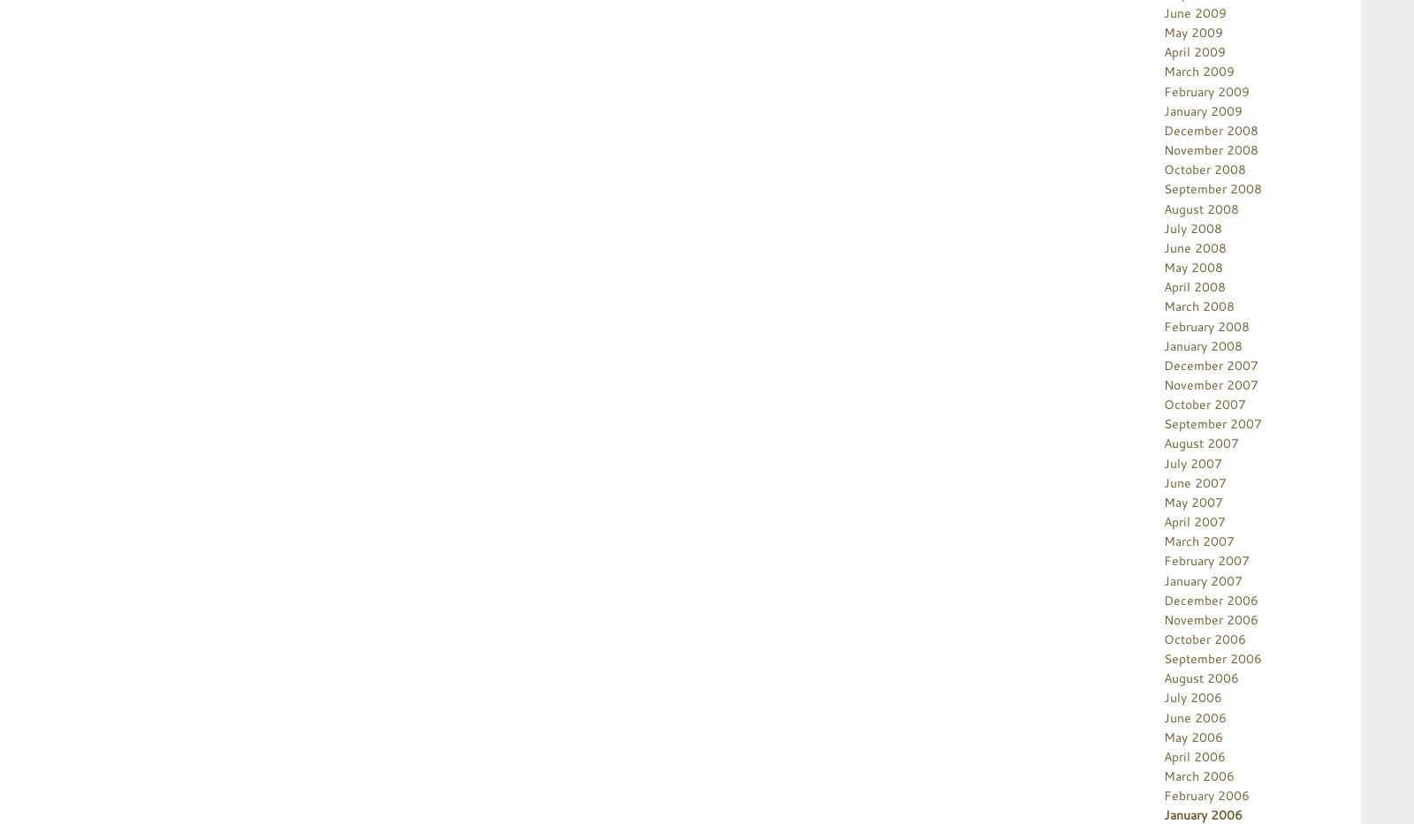  Describe the element at coordinates (1162, 754) in the screenshot. I see `'April 2006'` at that location.